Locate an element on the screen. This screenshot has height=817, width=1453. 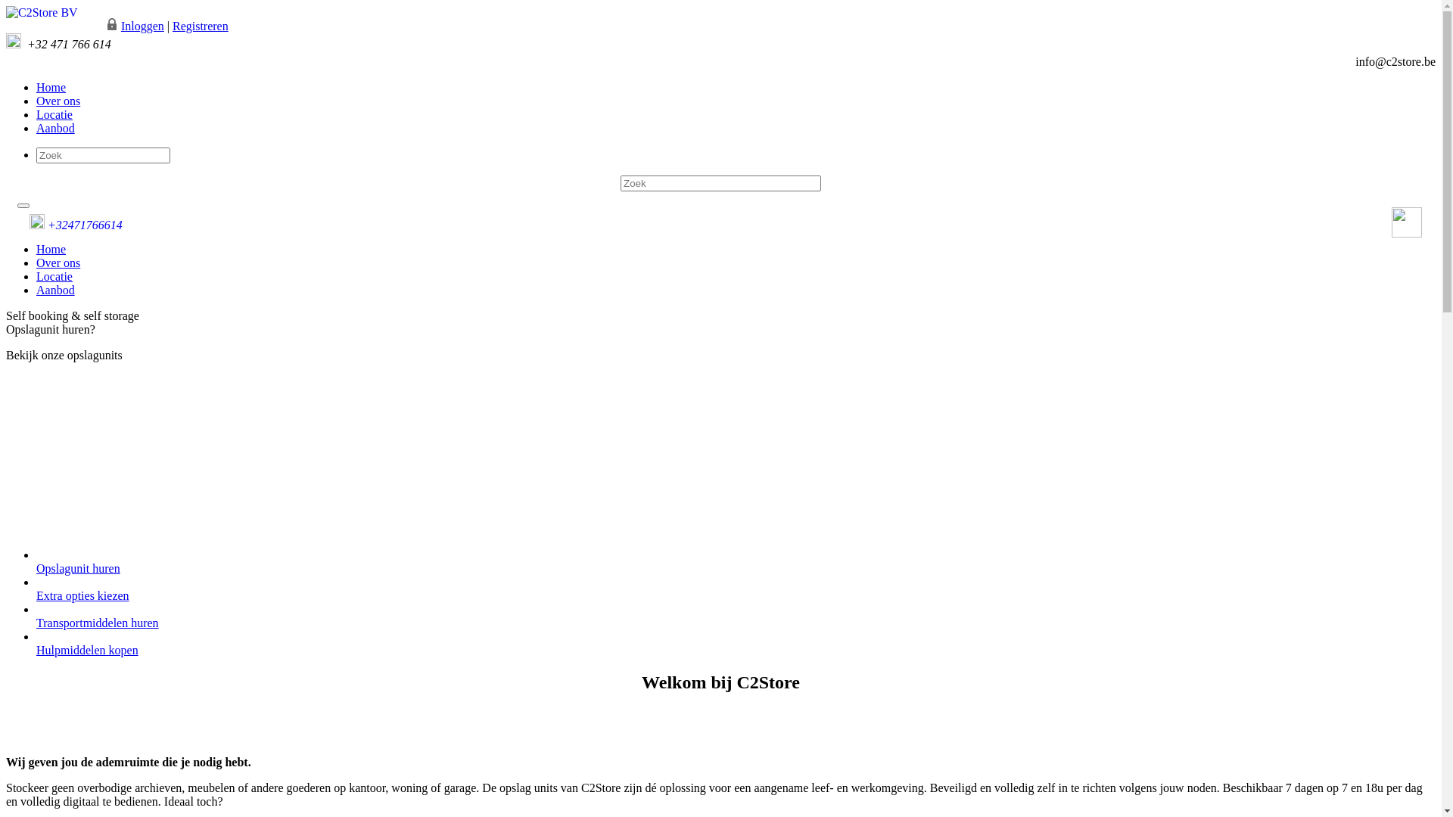
'Inloggen' is located at coordinates (142, 26).